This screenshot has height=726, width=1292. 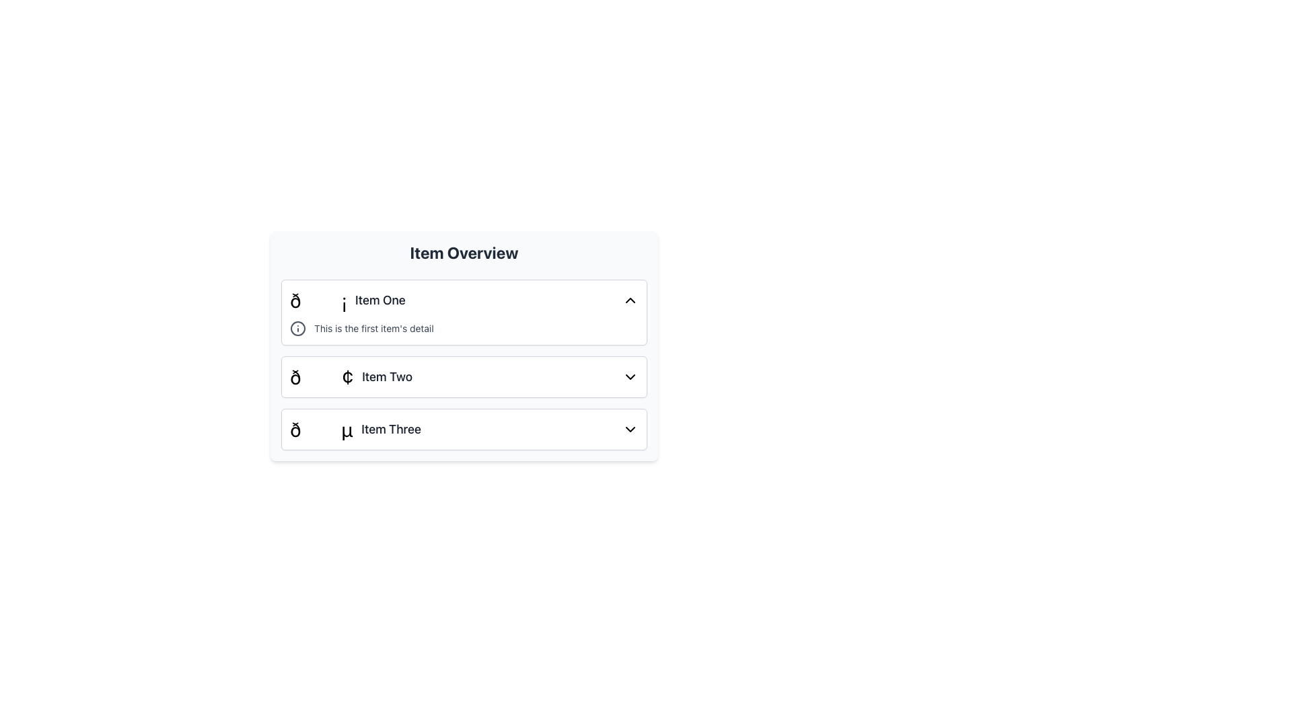 What do you see at coordinates (464, 365) in the screenshot?
I see `the middle row of the collapsible list item labeled 'Item Two' within the 'Item Overview' card to potentially trigger its default action` at bounding box center [464, 365].